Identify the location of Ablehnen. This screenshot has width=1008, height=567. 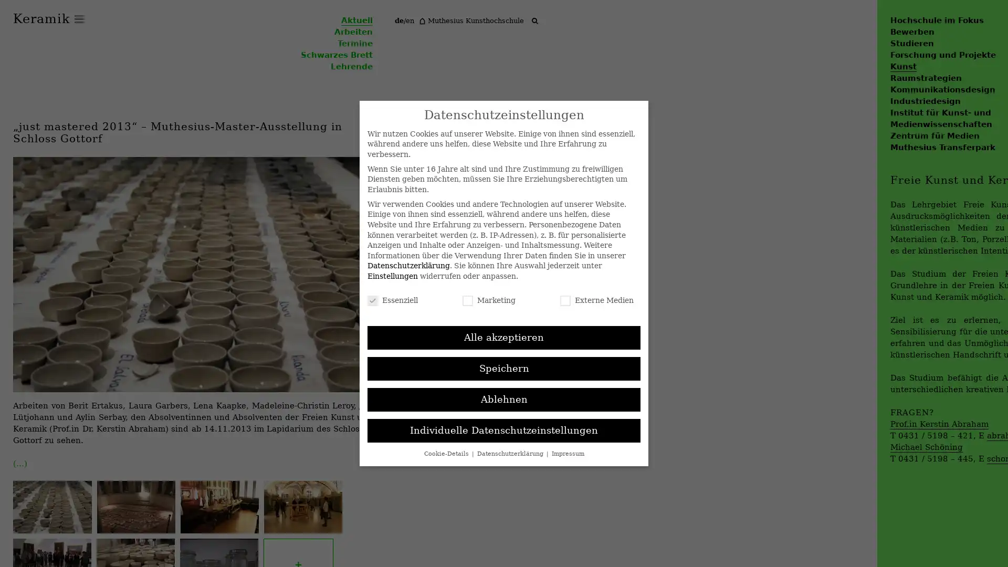
(504, 399).